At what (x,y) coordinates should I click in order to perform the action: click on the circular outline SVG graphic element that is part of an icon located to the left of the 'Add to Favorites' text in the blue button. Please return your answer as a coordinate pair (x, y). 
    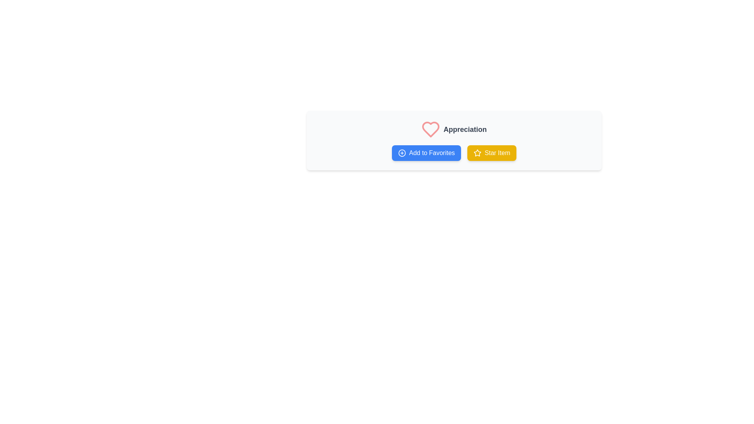
    Looking at the image, I should click on (402, 153).